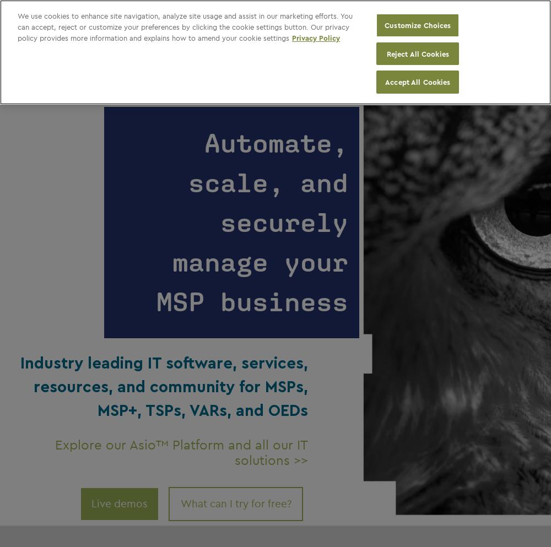 The width and height of the screenshot is (551, 547). What do you see at coordinates (235, 503) in the screenshot?
I see `'What can I try for free?'` at bounding box center [235, 503].